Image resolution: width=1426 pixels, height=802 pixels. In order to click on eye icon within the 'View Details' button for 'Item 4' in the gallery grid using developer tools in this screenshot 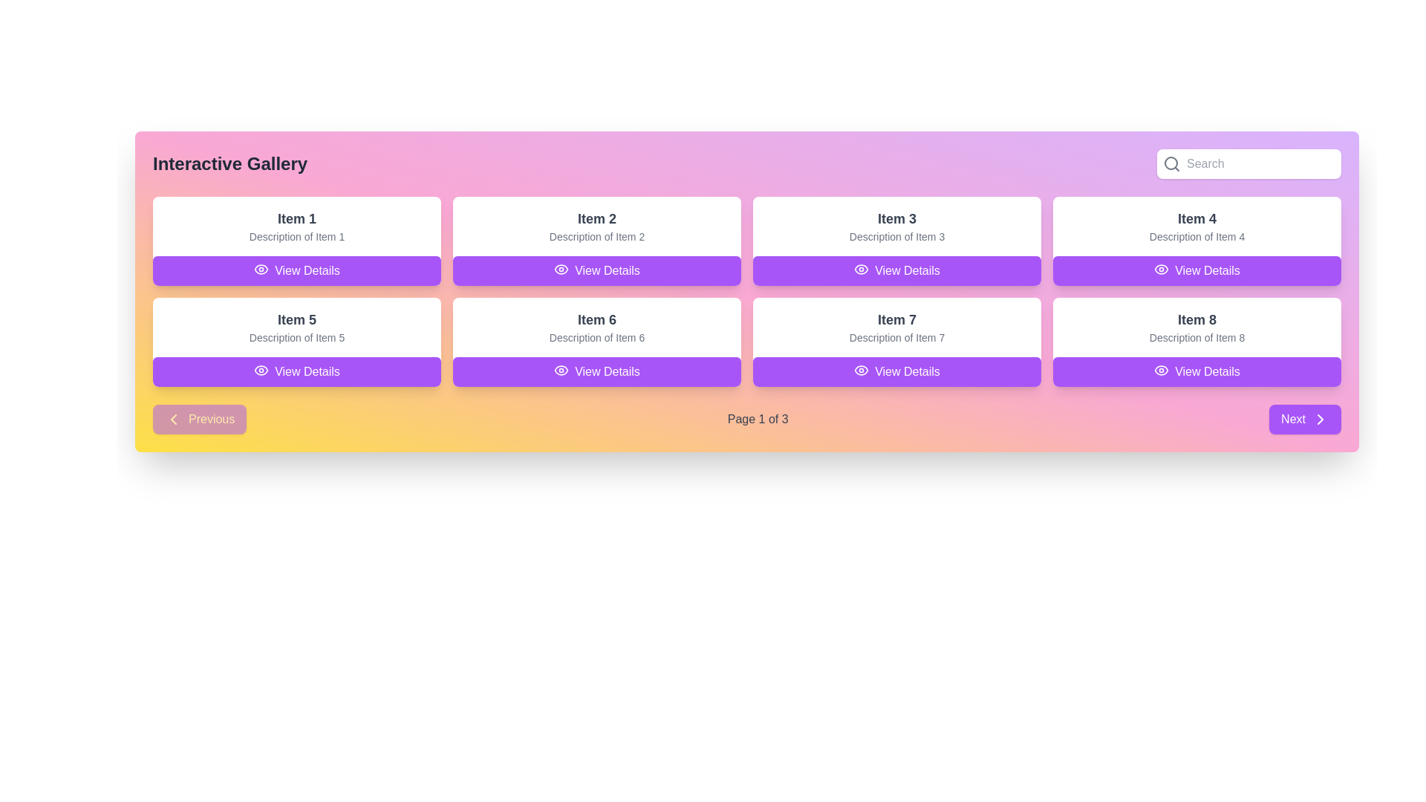, I will do `click(1161, 269)`.